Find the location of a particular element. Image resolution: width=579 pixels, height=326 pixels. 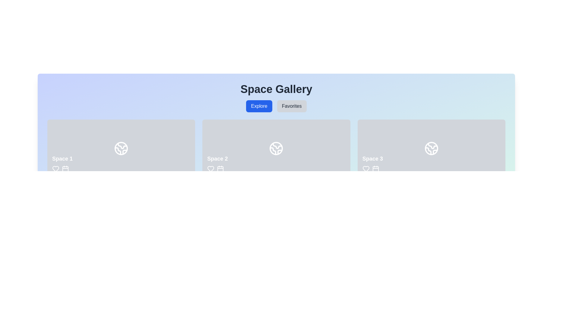

the interactive card labeled 'Space 2', which features a light gray background with a white circular globe icon and the text 'Space 2' in white at the bottom left is located at coordinates (276, 149).